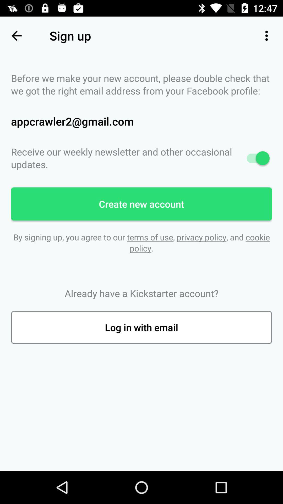 This screenshot has width=283, height=504. I want to click on the item to the left of the sign up icon, so click(16, 35).